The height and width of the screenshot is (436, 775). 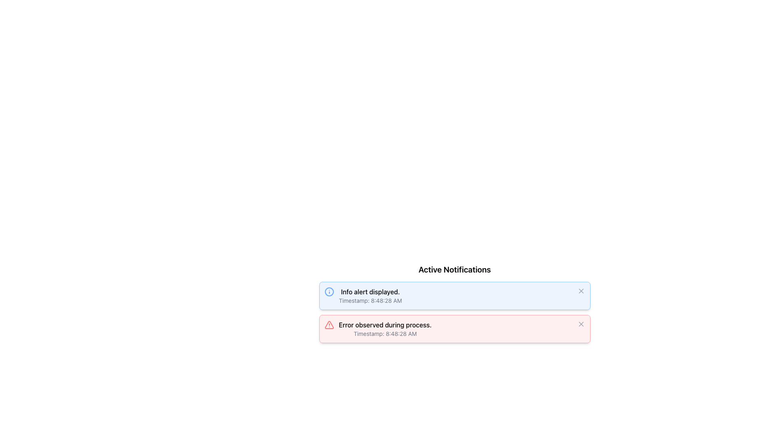 I want to click on the close button, which is styled as a small icon with an 'X' inside a circular shape, located at the top-right corner of the second notification card with a light red background, so click(x=580, y=323).